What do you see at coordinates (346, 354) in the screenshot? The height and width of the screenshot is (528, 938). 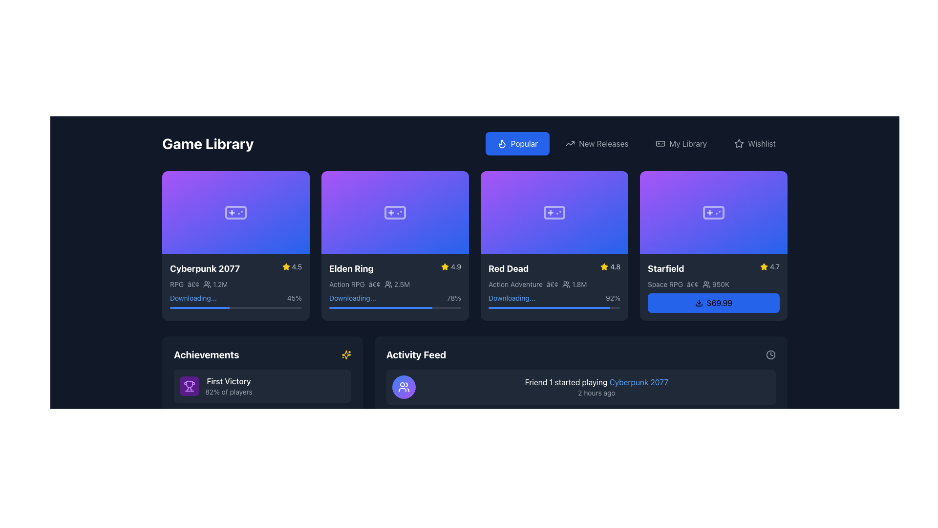 I see `the yellow star-shaped icon next to the 'First Victory' achievement box in the 'Achievements' section` at bounding box center [346, 354].